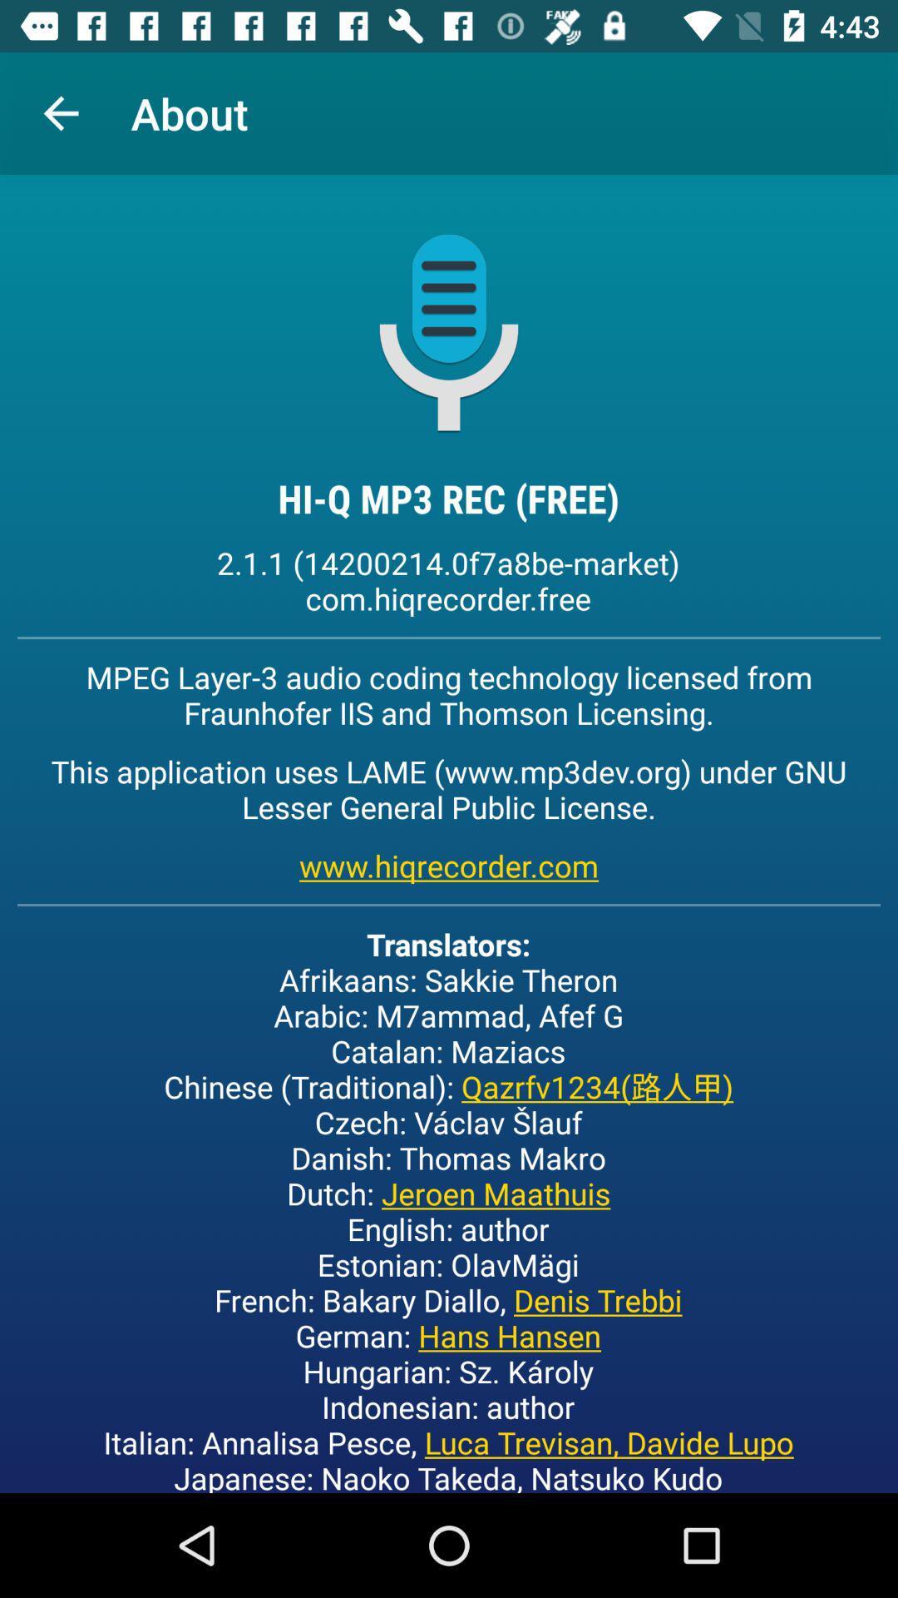 Image resolution: width=898 pixels, height=1598 pixels. Describe the element at coordinates (449, 331) in the screenshot. I see `the mike icon` at that location.